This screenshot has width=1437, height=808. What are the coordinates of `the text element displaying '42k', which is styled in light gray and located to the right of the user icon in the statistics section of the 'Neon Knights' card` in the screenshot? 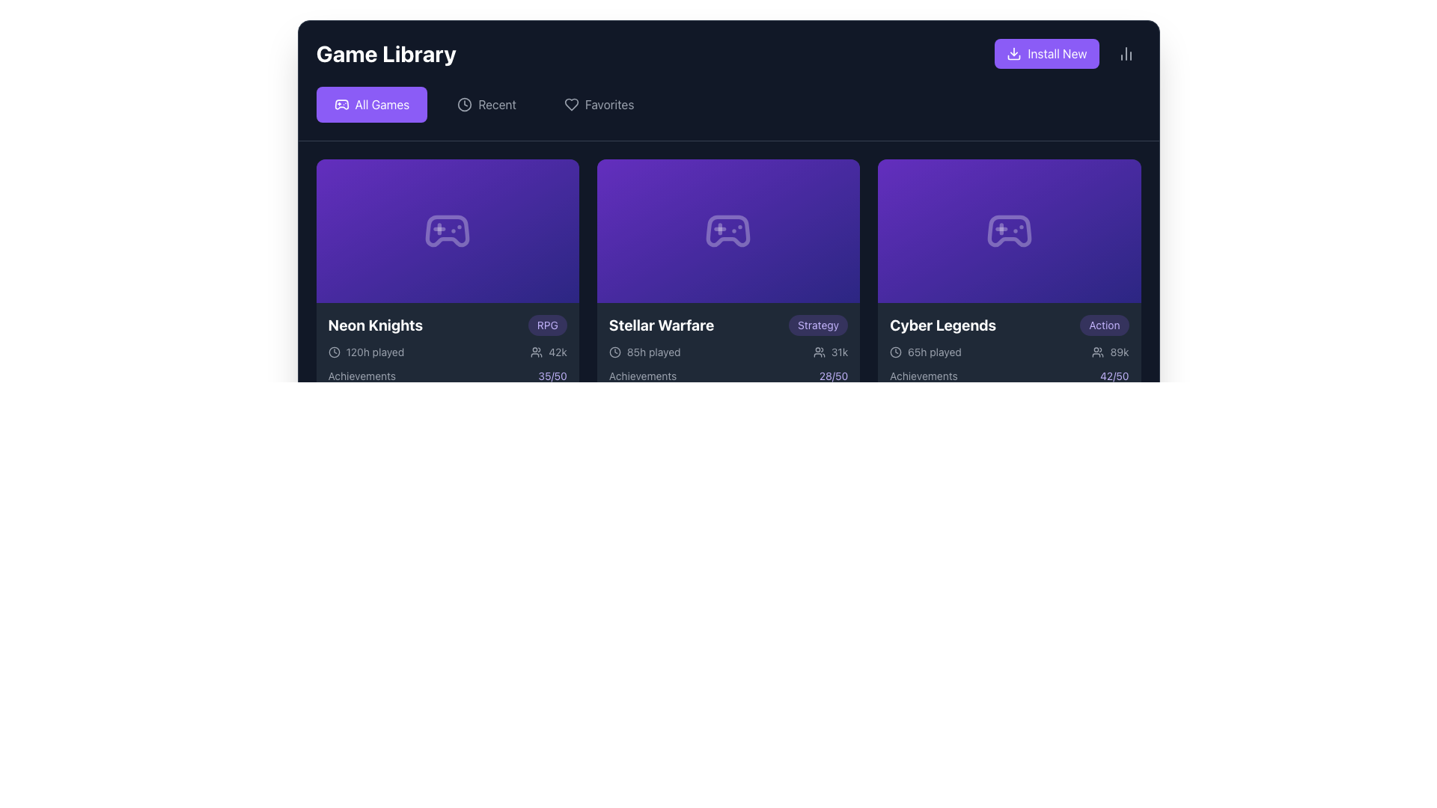 It's located at (557, 352).